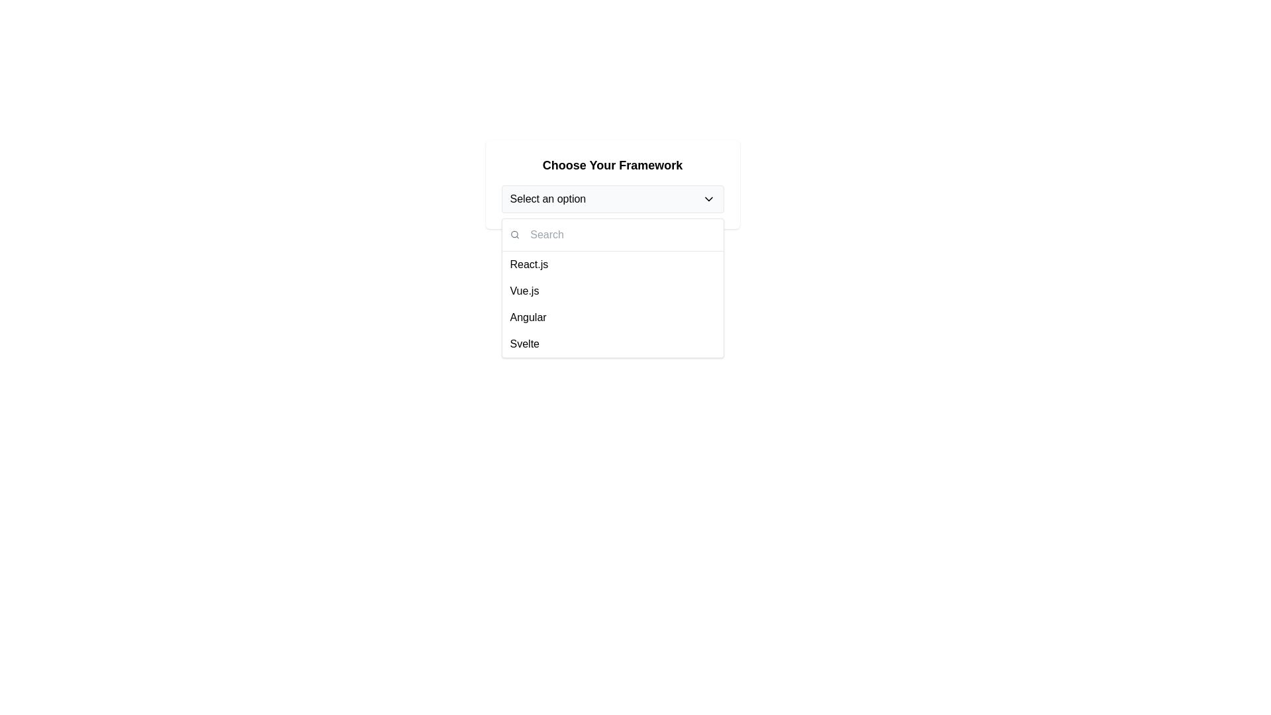  Describe the element at coordinates (528, 317) in the screenshot. I see `the third option in the dropdown menu that indicates 'Angular'` at that location.